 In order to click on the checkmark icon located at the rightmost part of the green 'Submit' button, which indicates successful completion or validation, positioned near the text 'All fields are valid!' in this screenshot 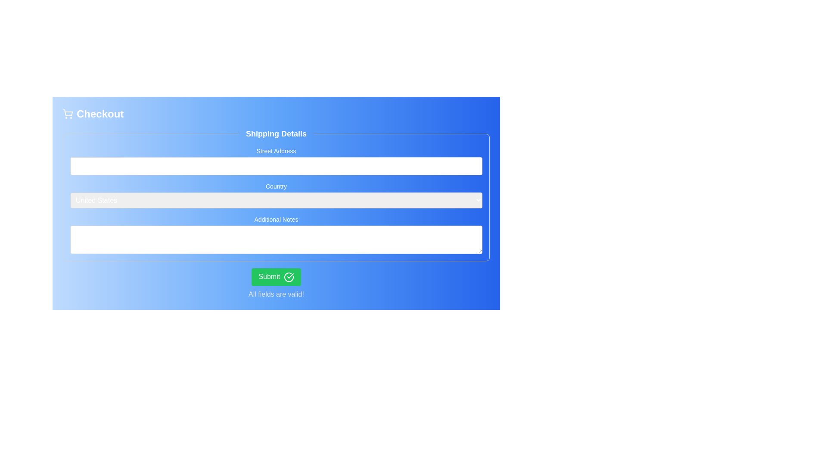, I will do `click(290, 276)`.